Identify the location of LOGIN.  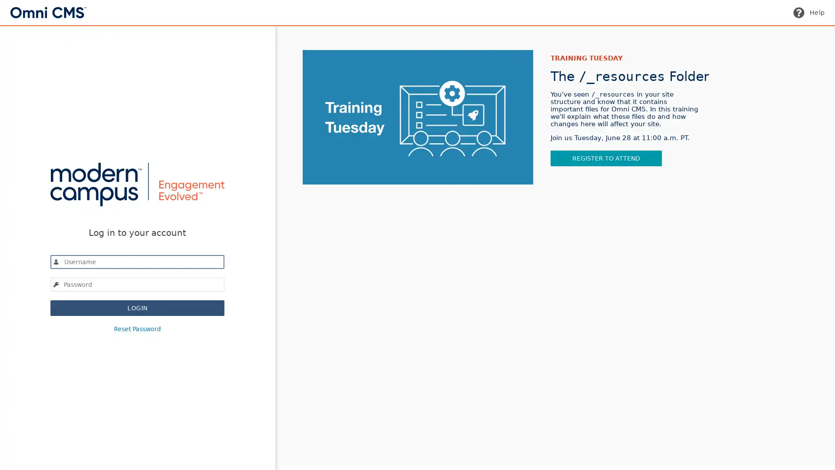
(137, 307).